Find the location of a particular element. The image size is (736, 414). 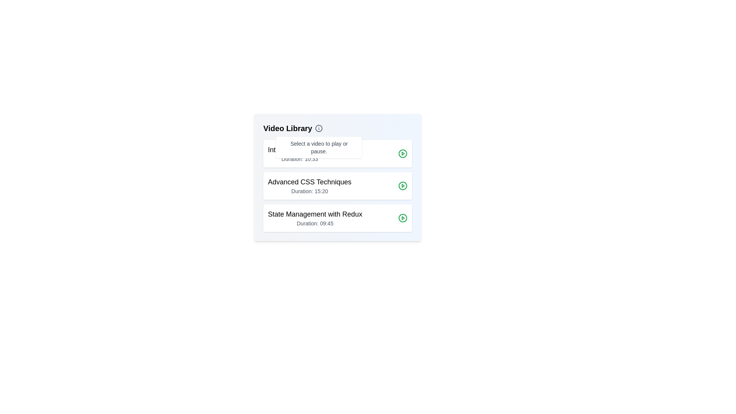

the 'Advanced CSS Techniques' list item in the Video Library is located at coordinates (309, 186).